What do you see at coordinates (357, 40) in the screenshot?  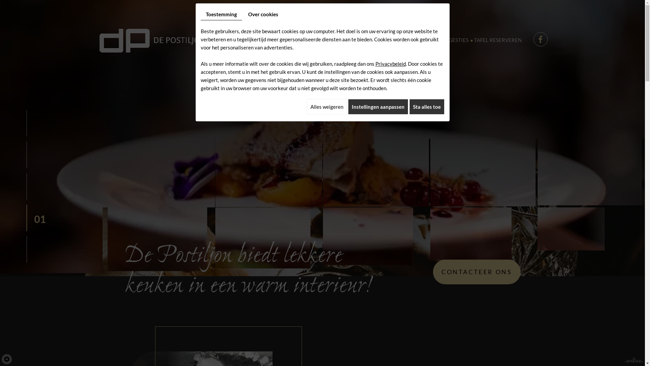 I see `'FEESTMENU'` at bounding box center [357, 40].